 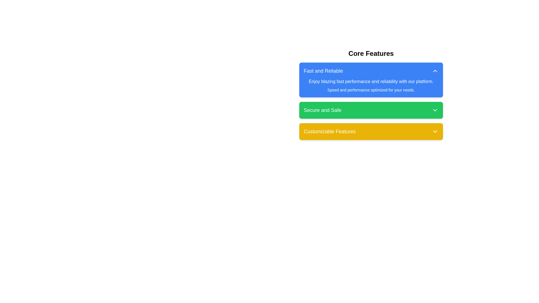 I want to click on the first Collapsible Section Group to read its core features information, so click(x=371, y=94).